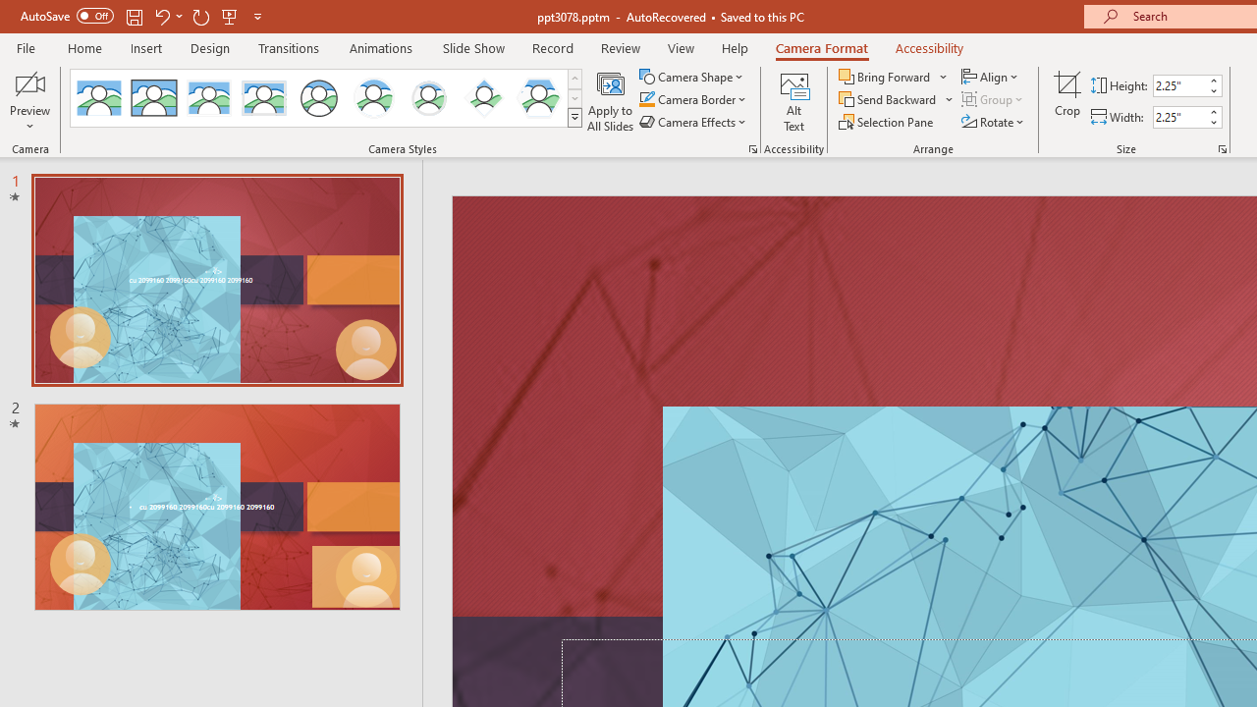  I want to click on 'Group', so click(994, 99).